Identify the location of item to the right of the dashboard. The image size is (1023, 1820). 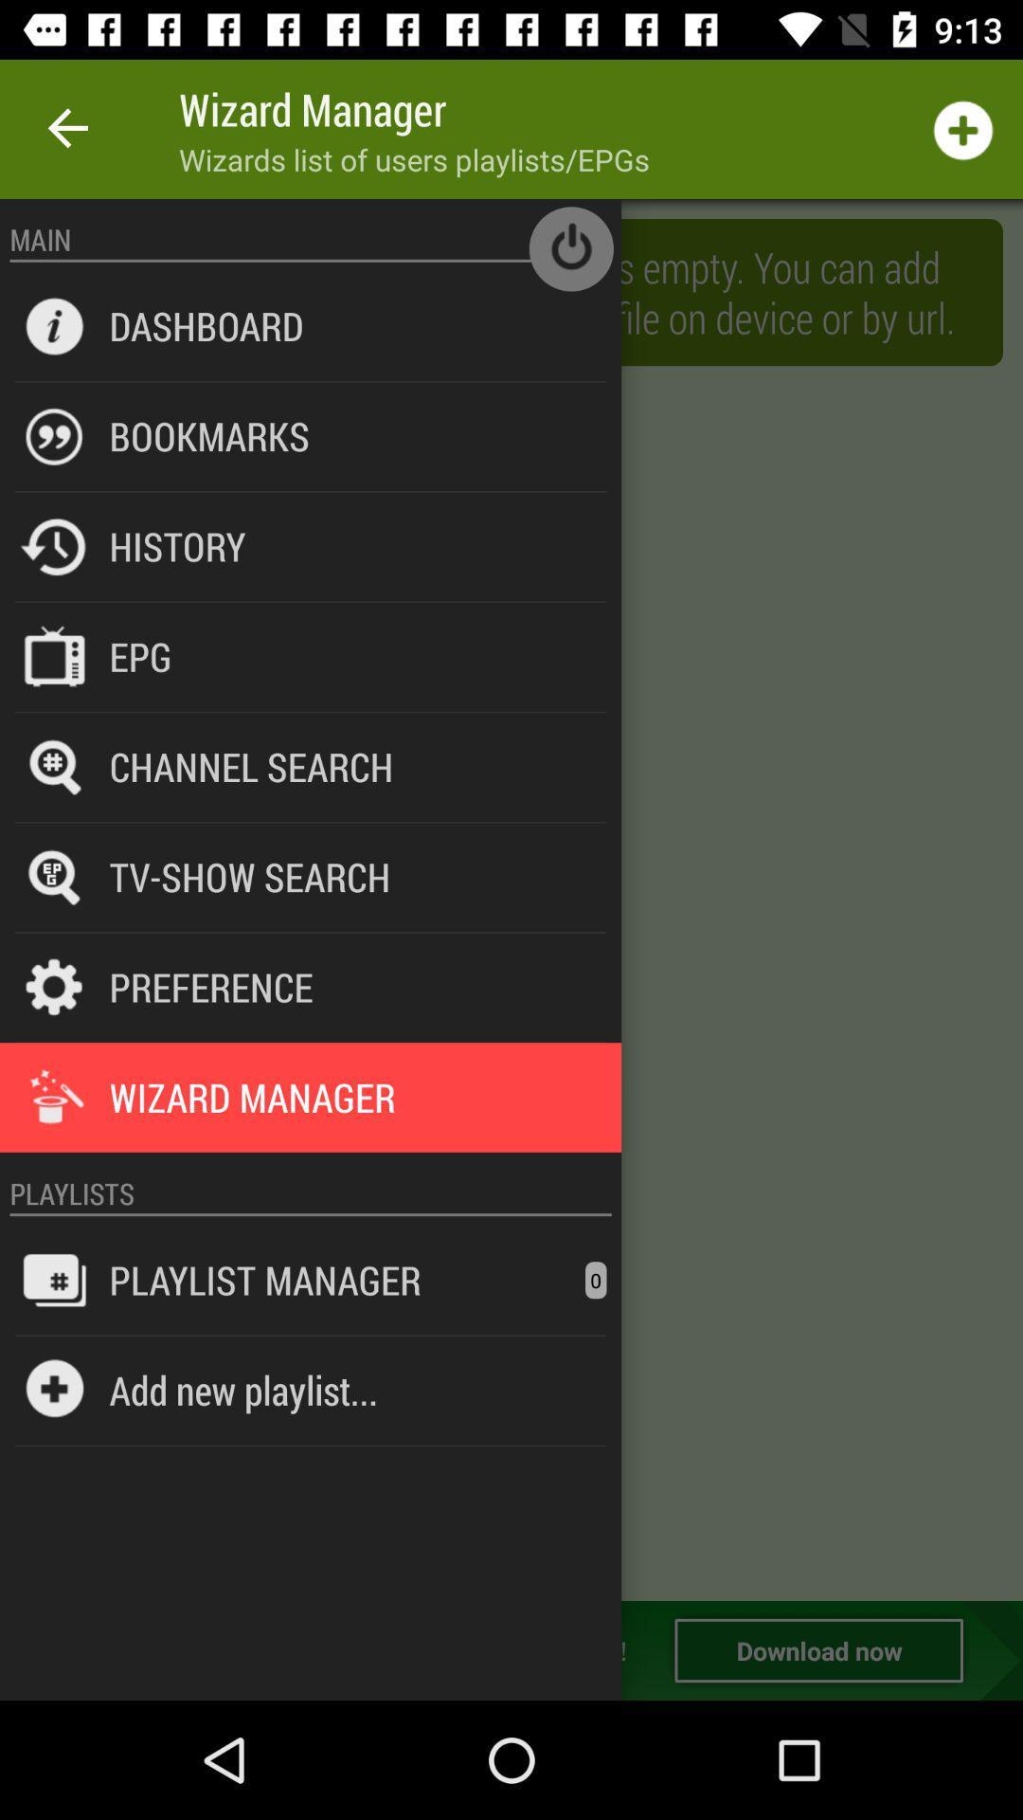
(570, 247).